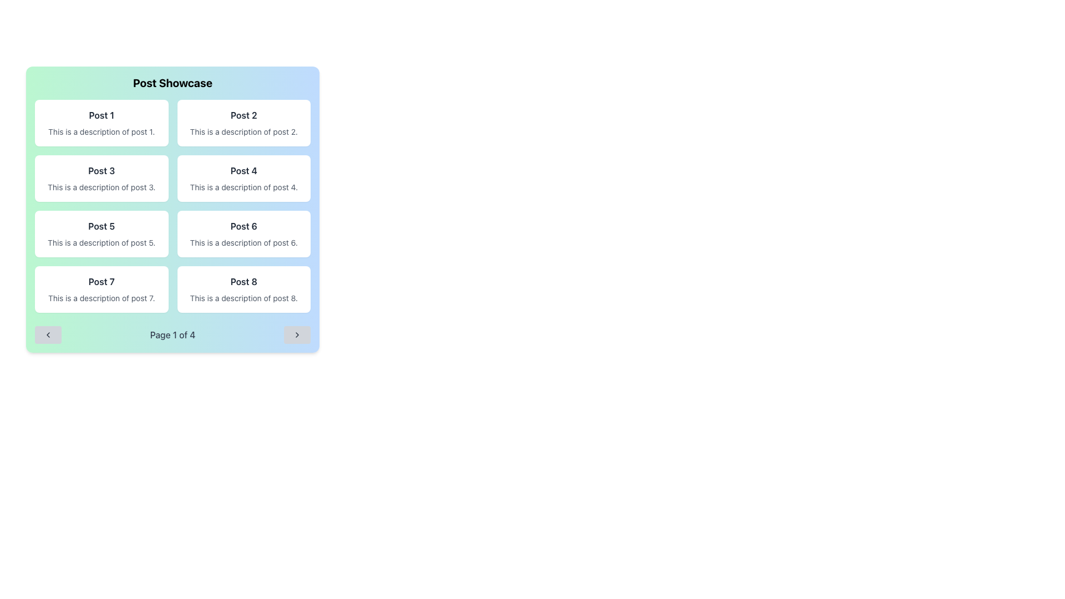  What do you see at coordinates (243, 242) in the screenshot?
I see `static text content providing a description for the related post located below the title 'Post 6' in the second column of the second row of a 2x4 grid` at bounding box center [243, 242].